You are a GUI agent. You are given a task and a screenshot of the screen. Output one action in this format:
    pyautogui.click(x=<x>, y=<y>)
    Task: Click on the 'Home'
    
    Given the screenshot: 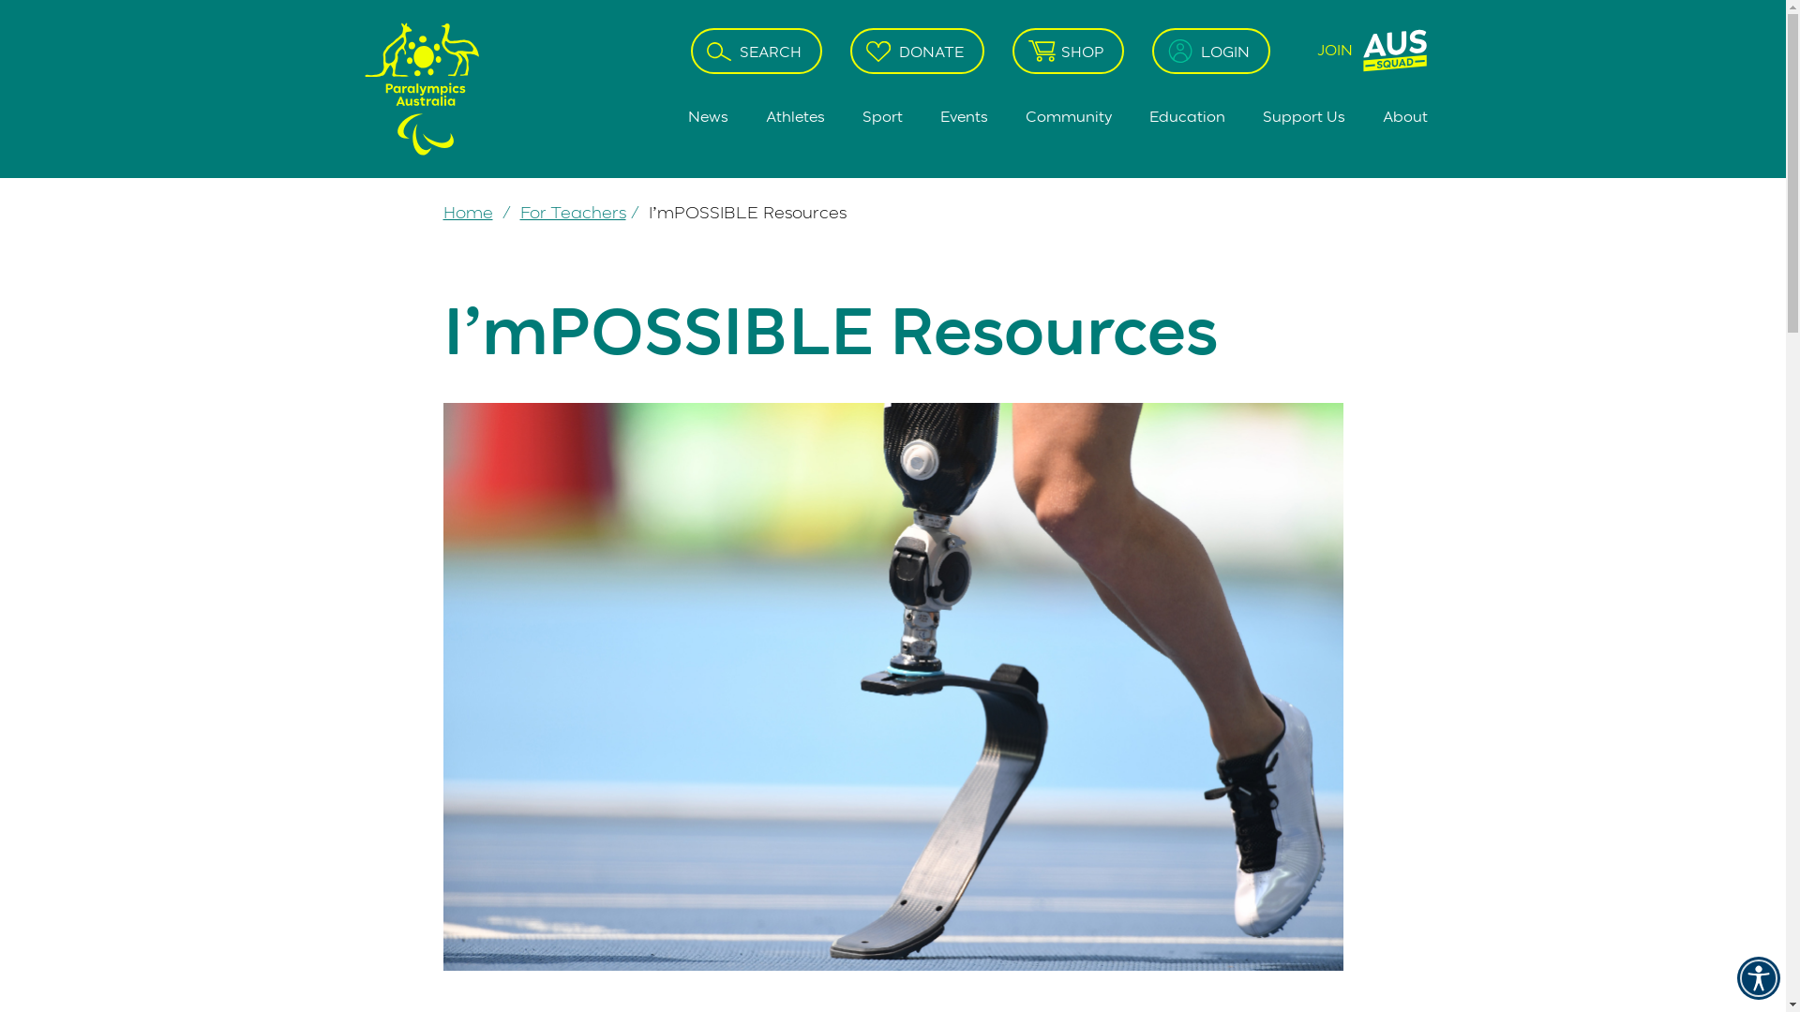 What is the action you would take?
    pyautogui.click(x=467, y=211)
    